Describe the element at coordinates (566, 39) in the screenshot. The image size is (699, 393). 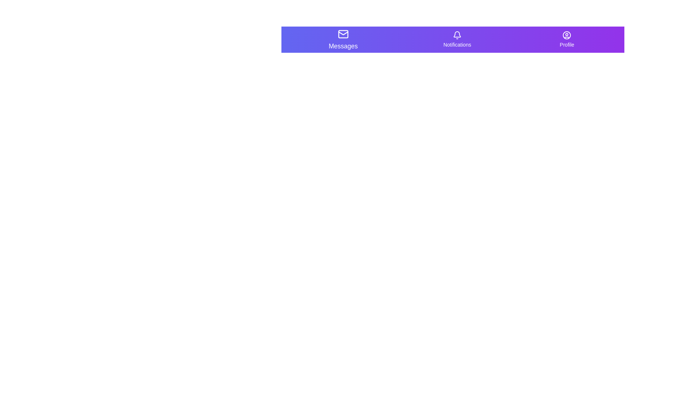
I see `the navigation item Profile` at that location.